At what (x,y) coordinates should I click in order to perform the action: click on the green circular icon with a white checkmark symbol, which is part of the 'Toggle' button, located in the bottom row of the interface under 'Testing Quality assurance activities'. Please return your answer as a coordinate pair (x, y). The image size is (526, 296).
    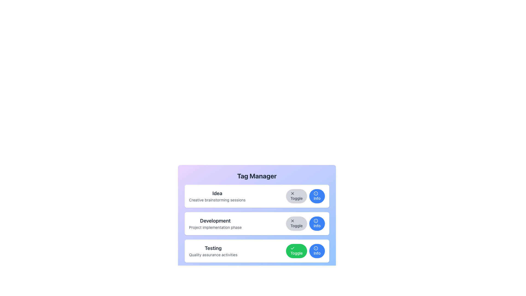
    Looking at the image, I should click on (292, 248).